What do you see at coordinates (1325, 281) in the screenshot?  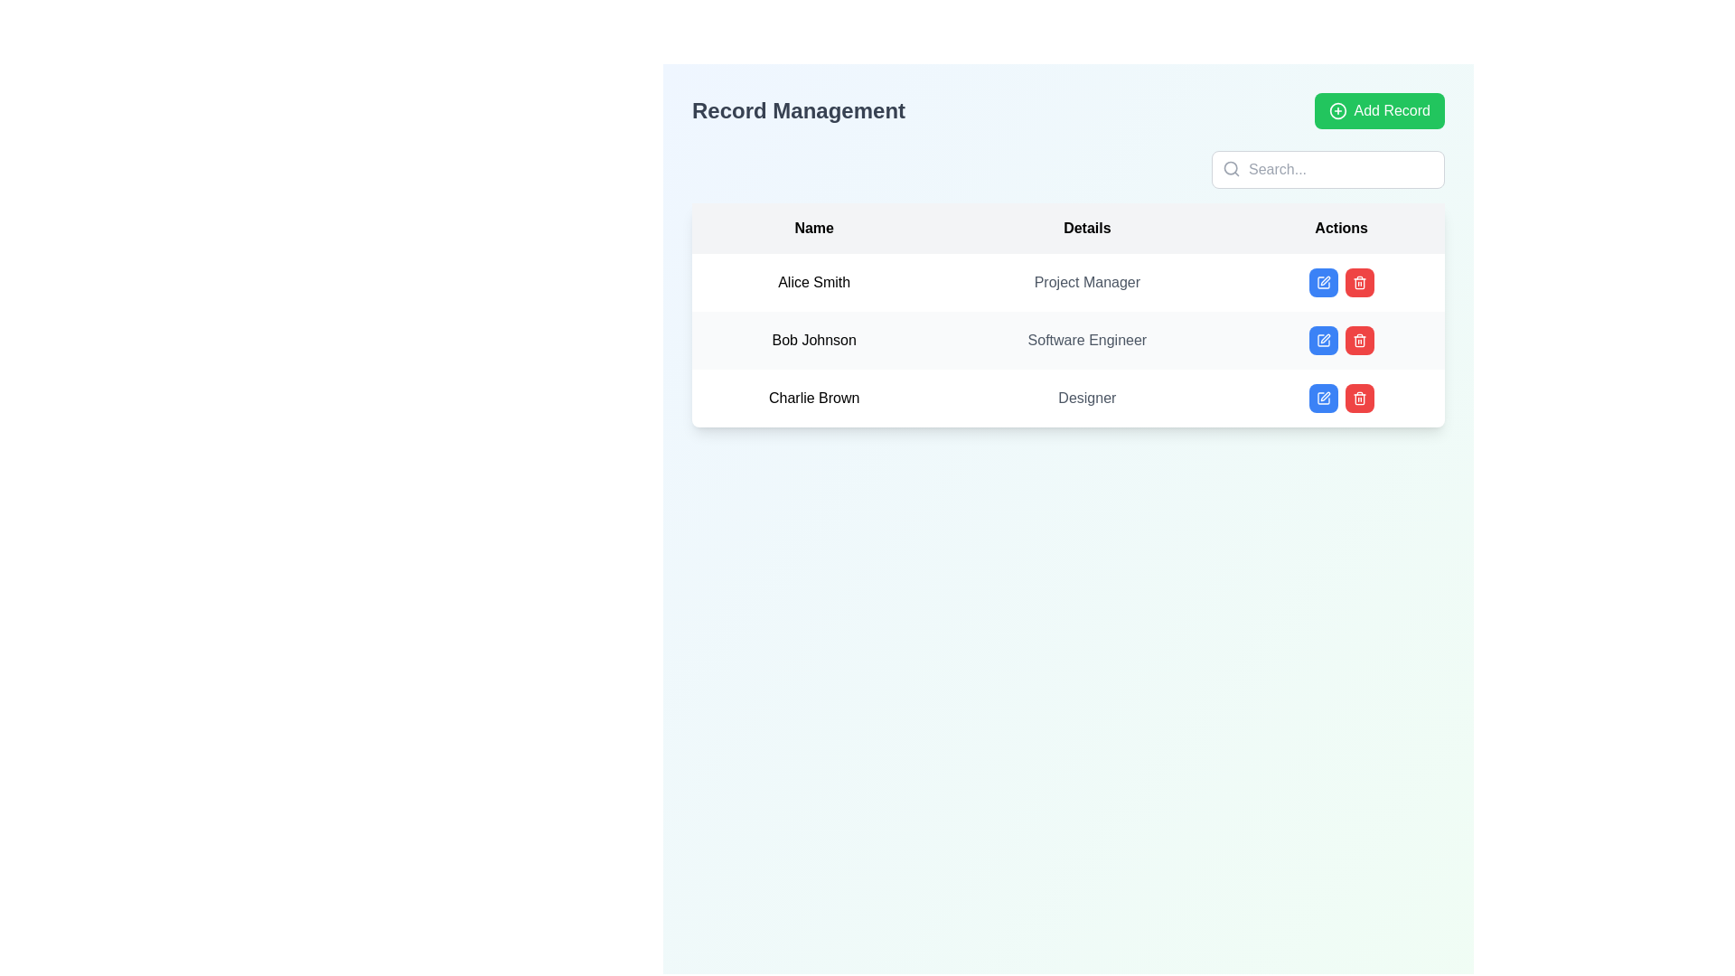 I see `the edit icon, which is a small pen illustration located in the 'Actions' column of the middle row of the table` at bounding box center [1325, 281].